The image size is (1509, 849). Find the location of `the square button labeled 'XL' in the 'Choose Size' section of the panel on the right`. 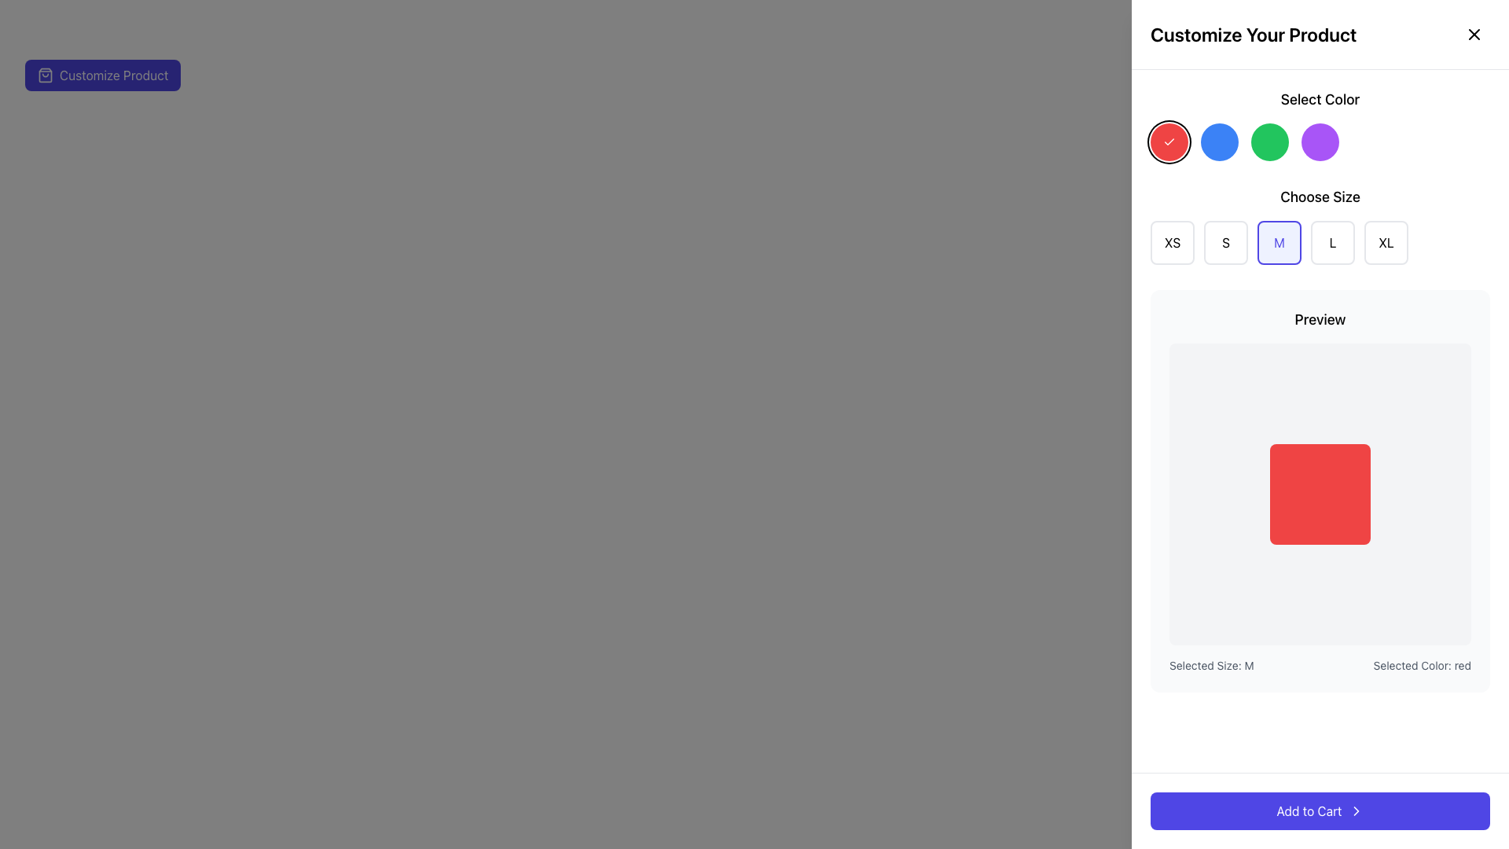

the square button labeled 'XL' in the 'Choose Size' section of the panel on the right is located at coordinates (1386, 242).